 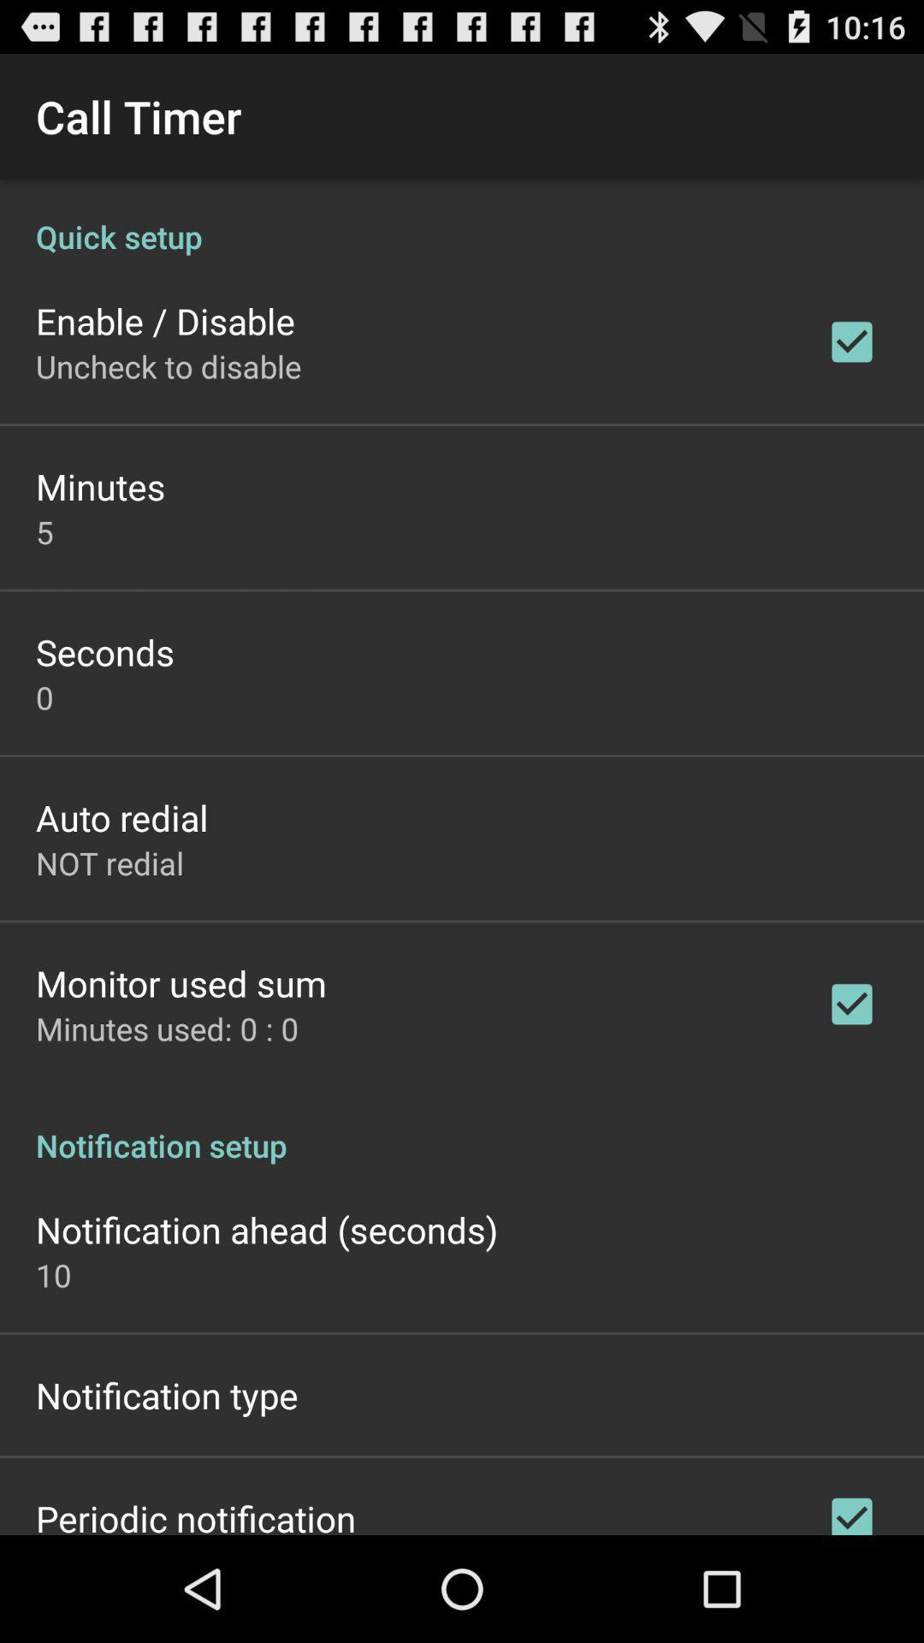 I want to click on the tick mark which is right to the enabledisable, so click(x=851, y=341).